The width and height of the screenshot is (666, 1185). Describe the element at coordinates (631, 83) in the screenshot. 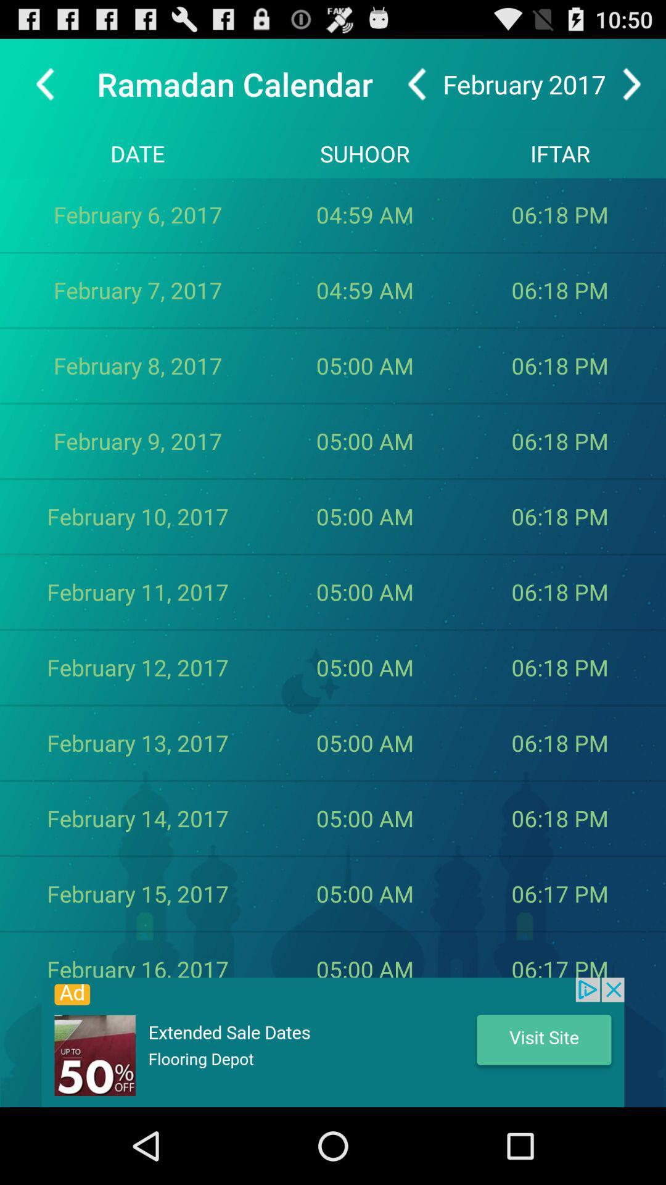

I see `advance to next month` at that location.